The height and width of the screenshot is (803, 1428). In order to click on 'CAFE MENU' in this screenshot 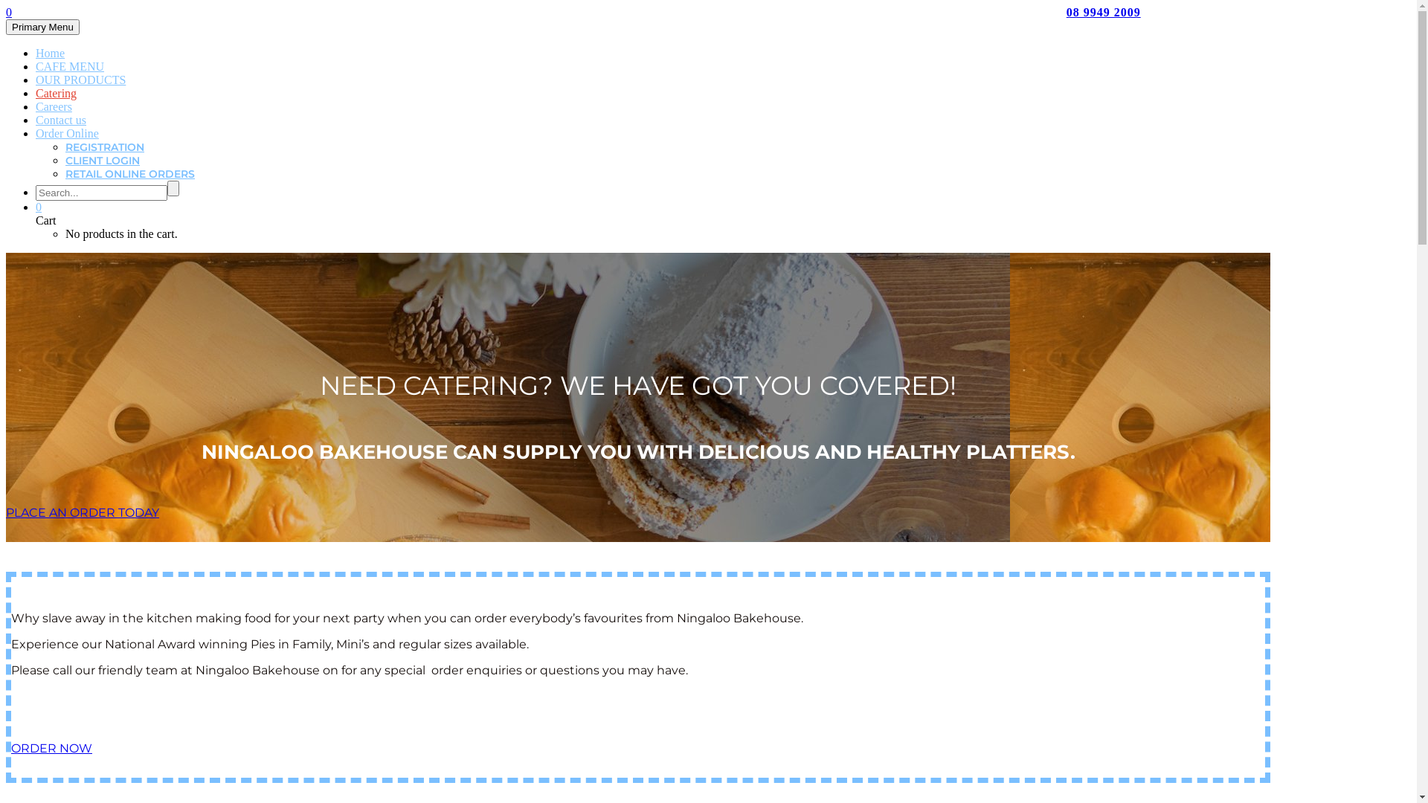, I will do `click(69, 65)`.